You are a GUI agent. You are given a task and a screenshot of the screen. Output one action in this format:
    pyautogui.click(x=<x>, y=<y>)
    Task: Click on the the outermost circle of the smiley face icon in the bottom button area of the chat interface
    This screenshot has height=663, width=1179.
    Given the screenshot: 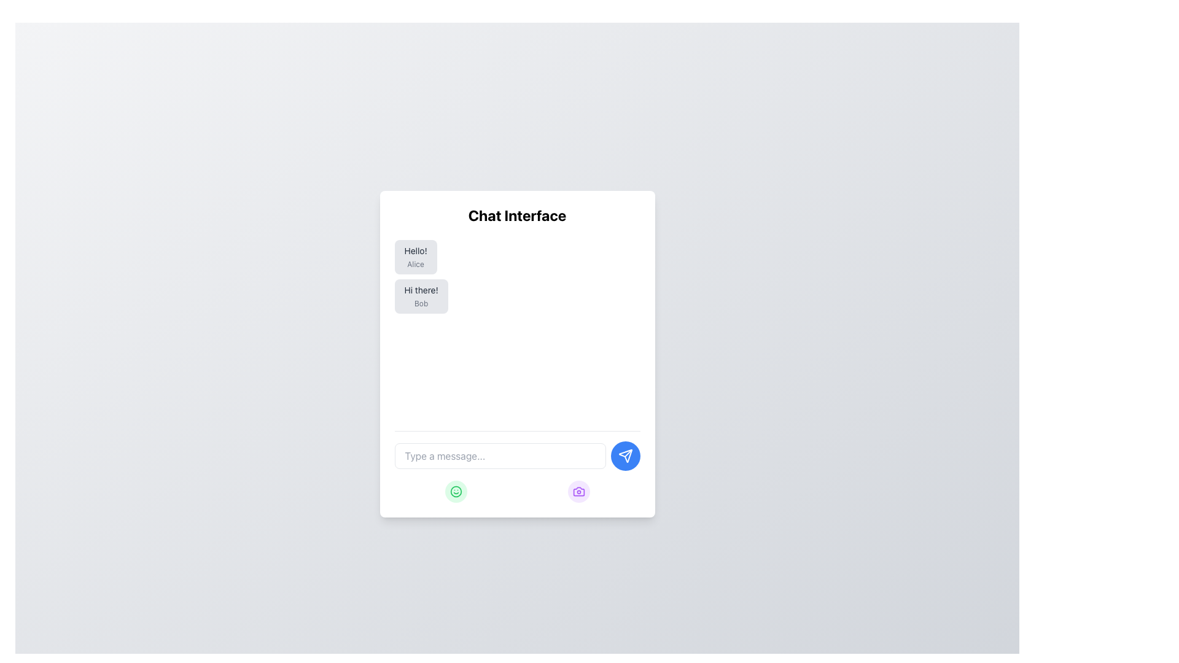 What is the action you would take?
    pyautogui.click(x=455, y=491)
    